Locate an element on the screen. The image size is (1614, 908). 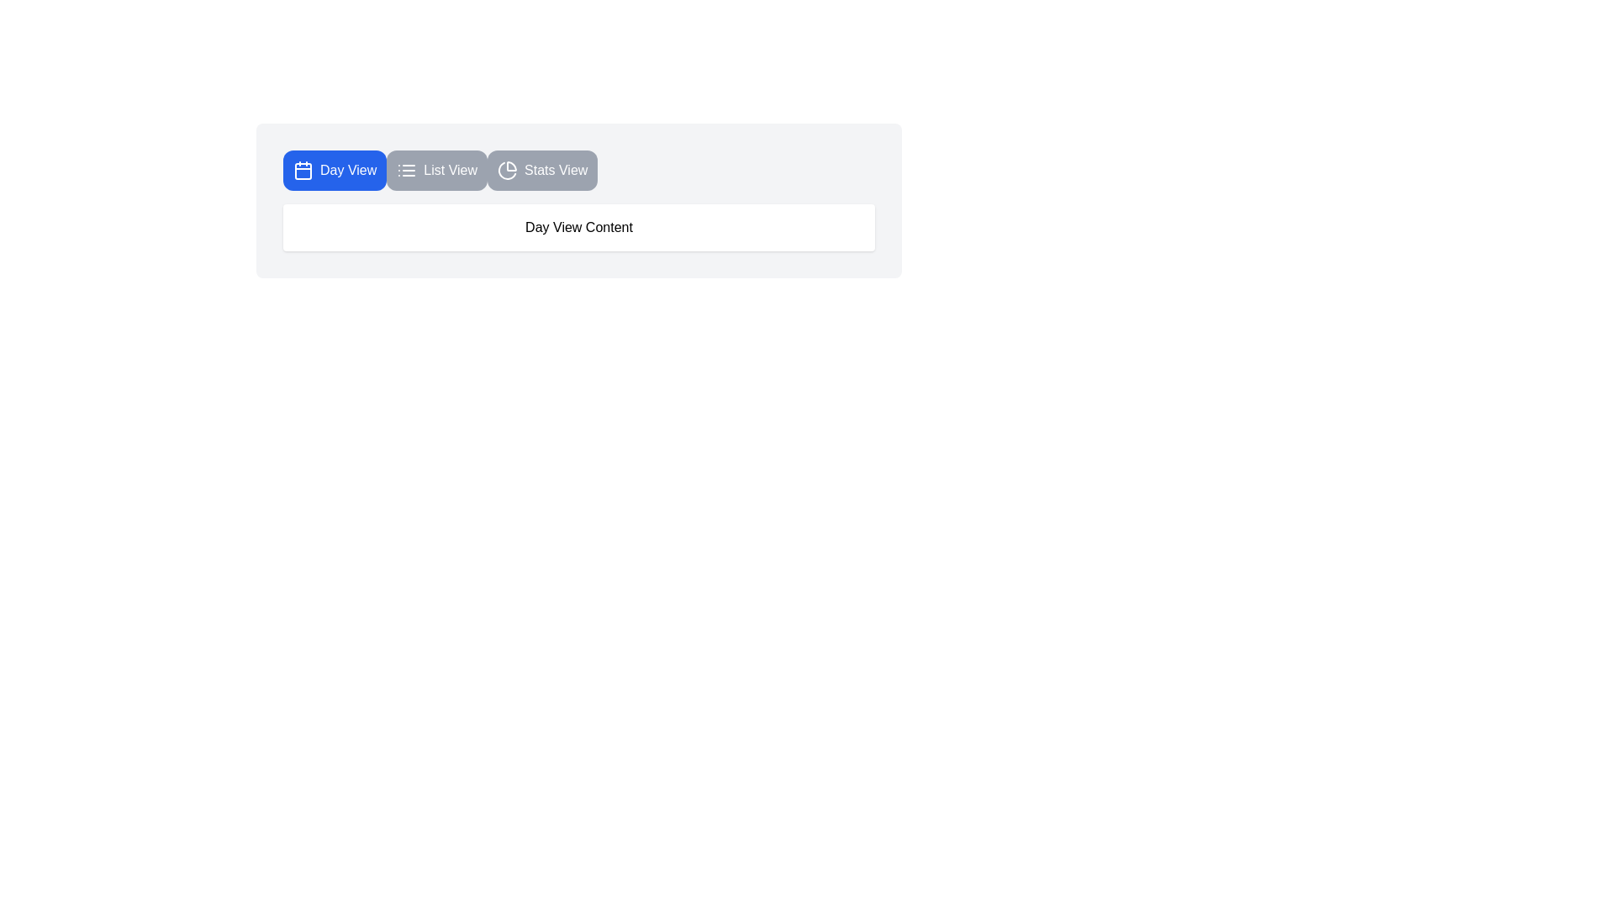
the List View tab by clicking its corresponding button is located at coordinates (436, 171).